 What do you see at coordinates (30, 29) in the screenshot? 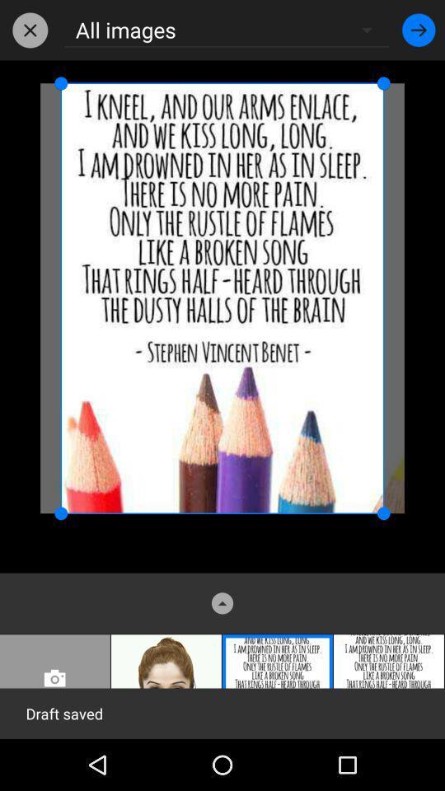
I see `icon next to all images item` at bounding box center [30, 29].